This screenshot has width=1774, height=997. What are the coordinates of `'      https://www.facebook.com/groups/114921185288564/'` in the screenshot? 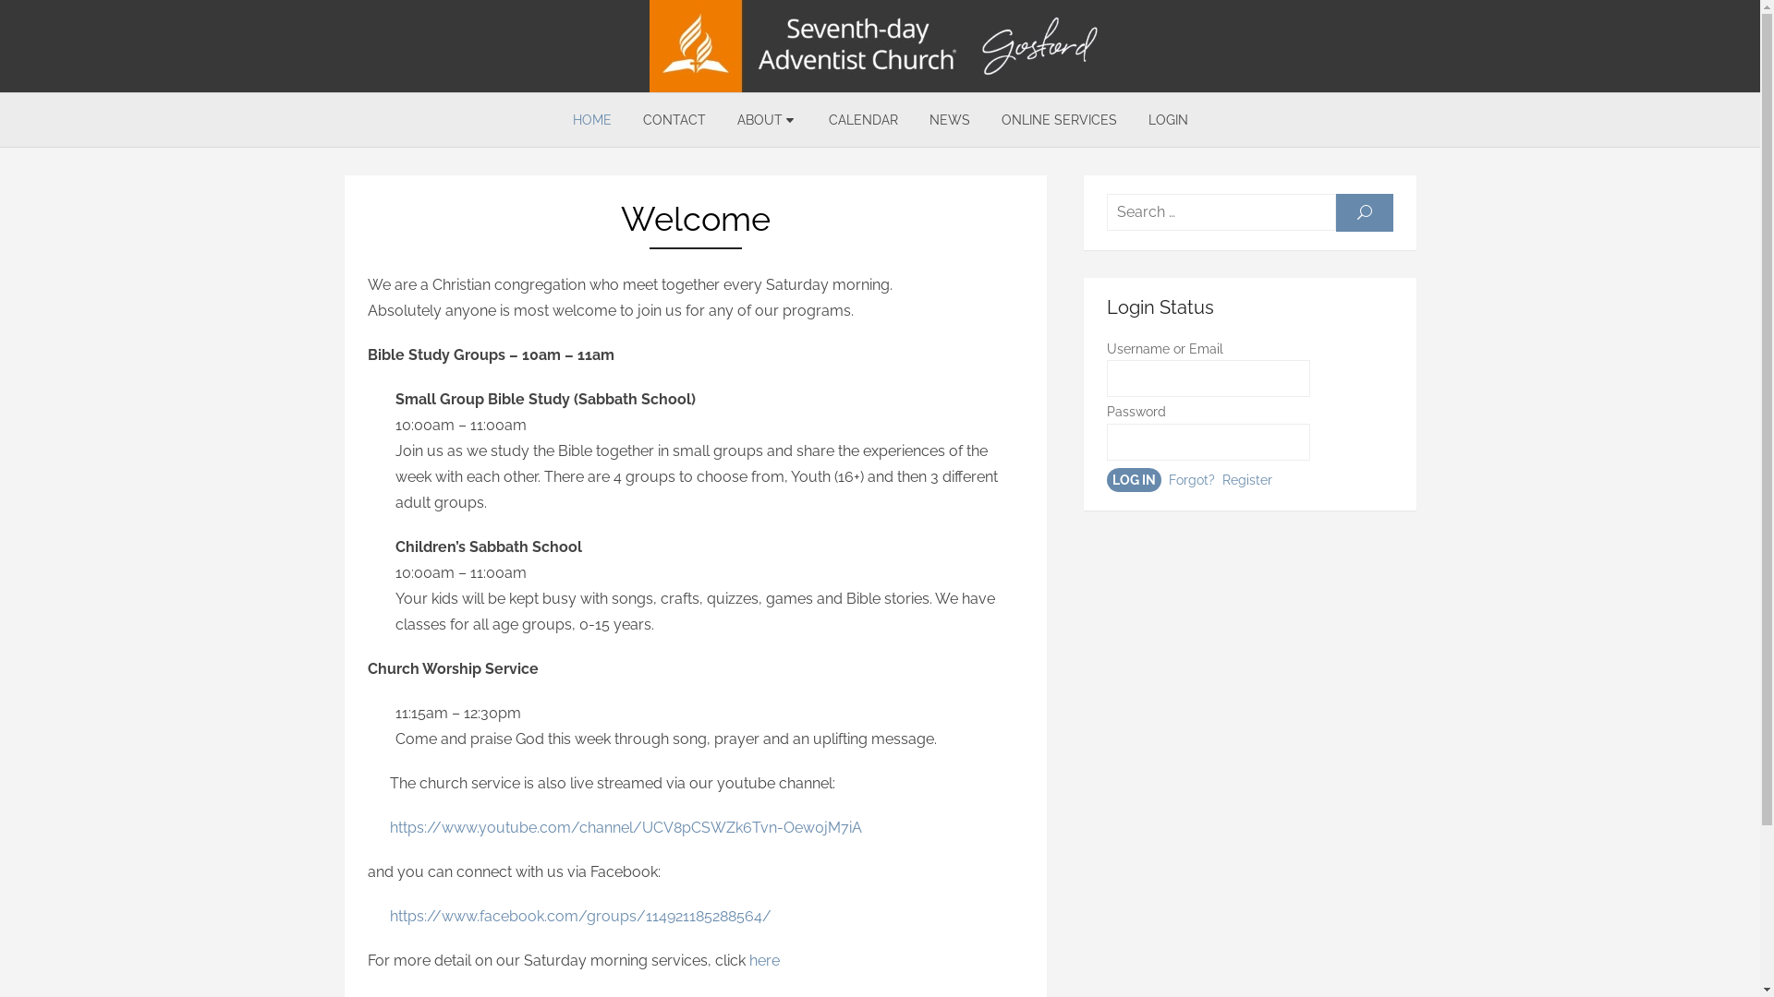 It's located at (568, 916).